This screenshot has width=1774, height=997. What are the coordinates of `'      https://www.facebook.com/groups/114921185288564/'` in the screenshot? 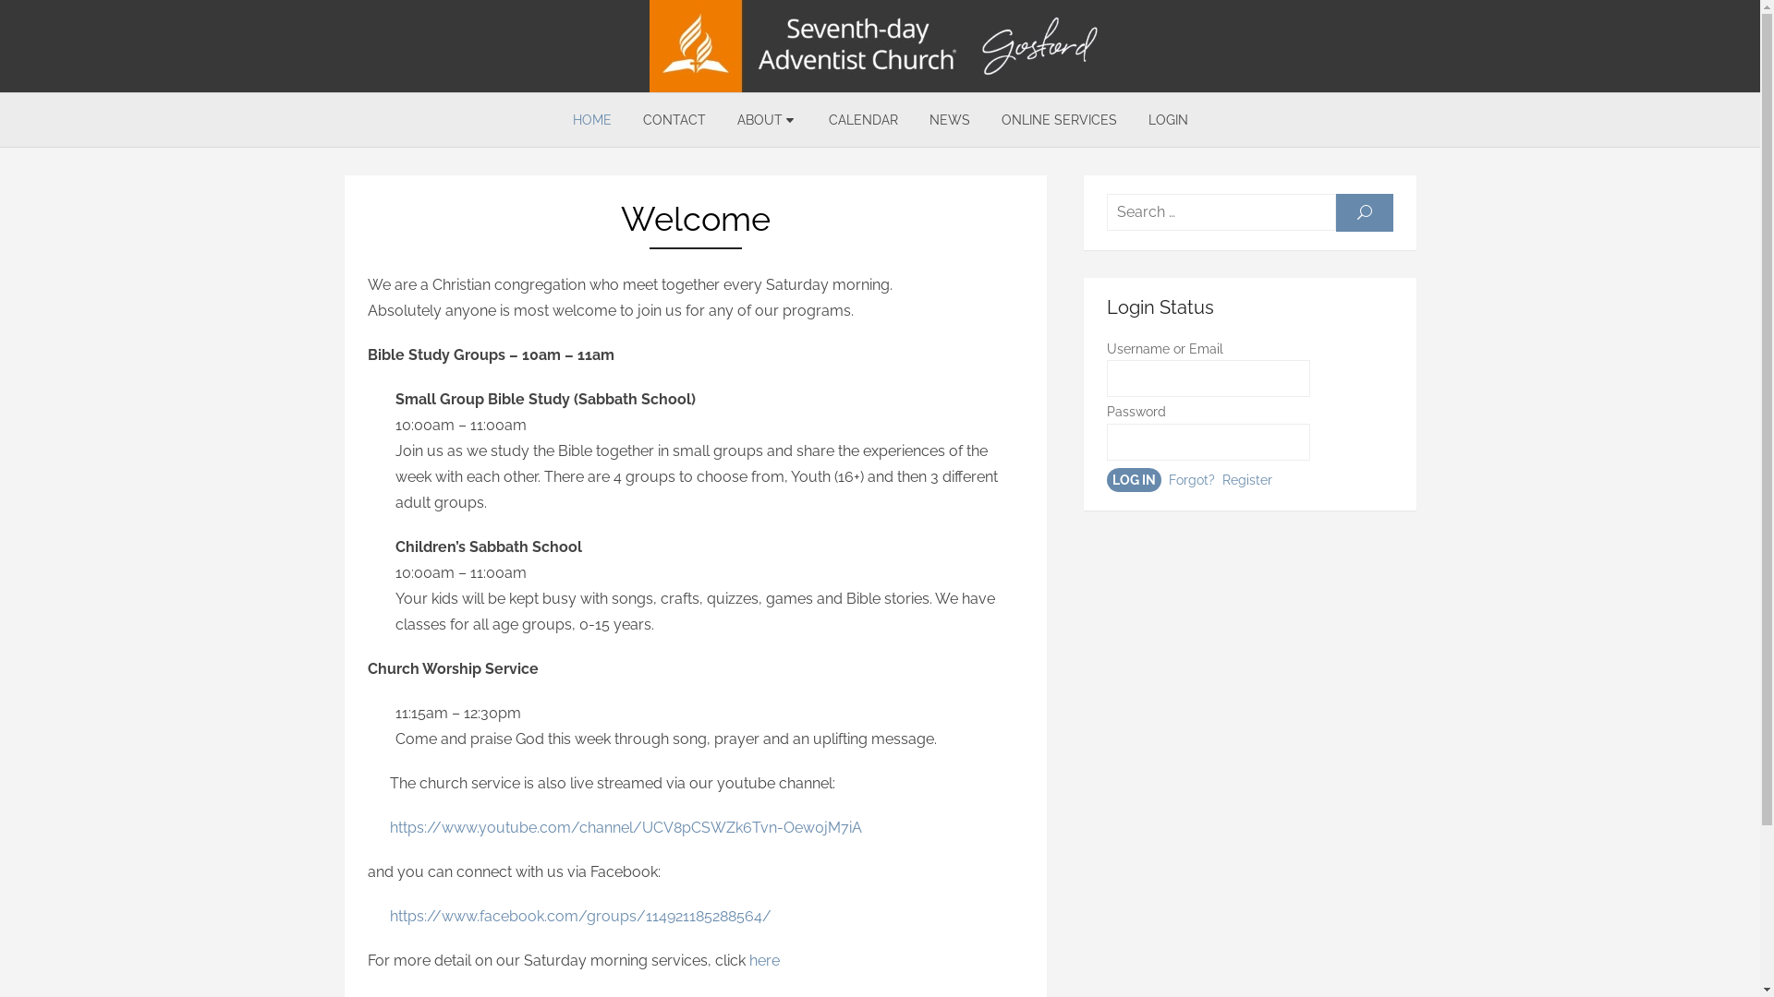 It's located at (568, 916).